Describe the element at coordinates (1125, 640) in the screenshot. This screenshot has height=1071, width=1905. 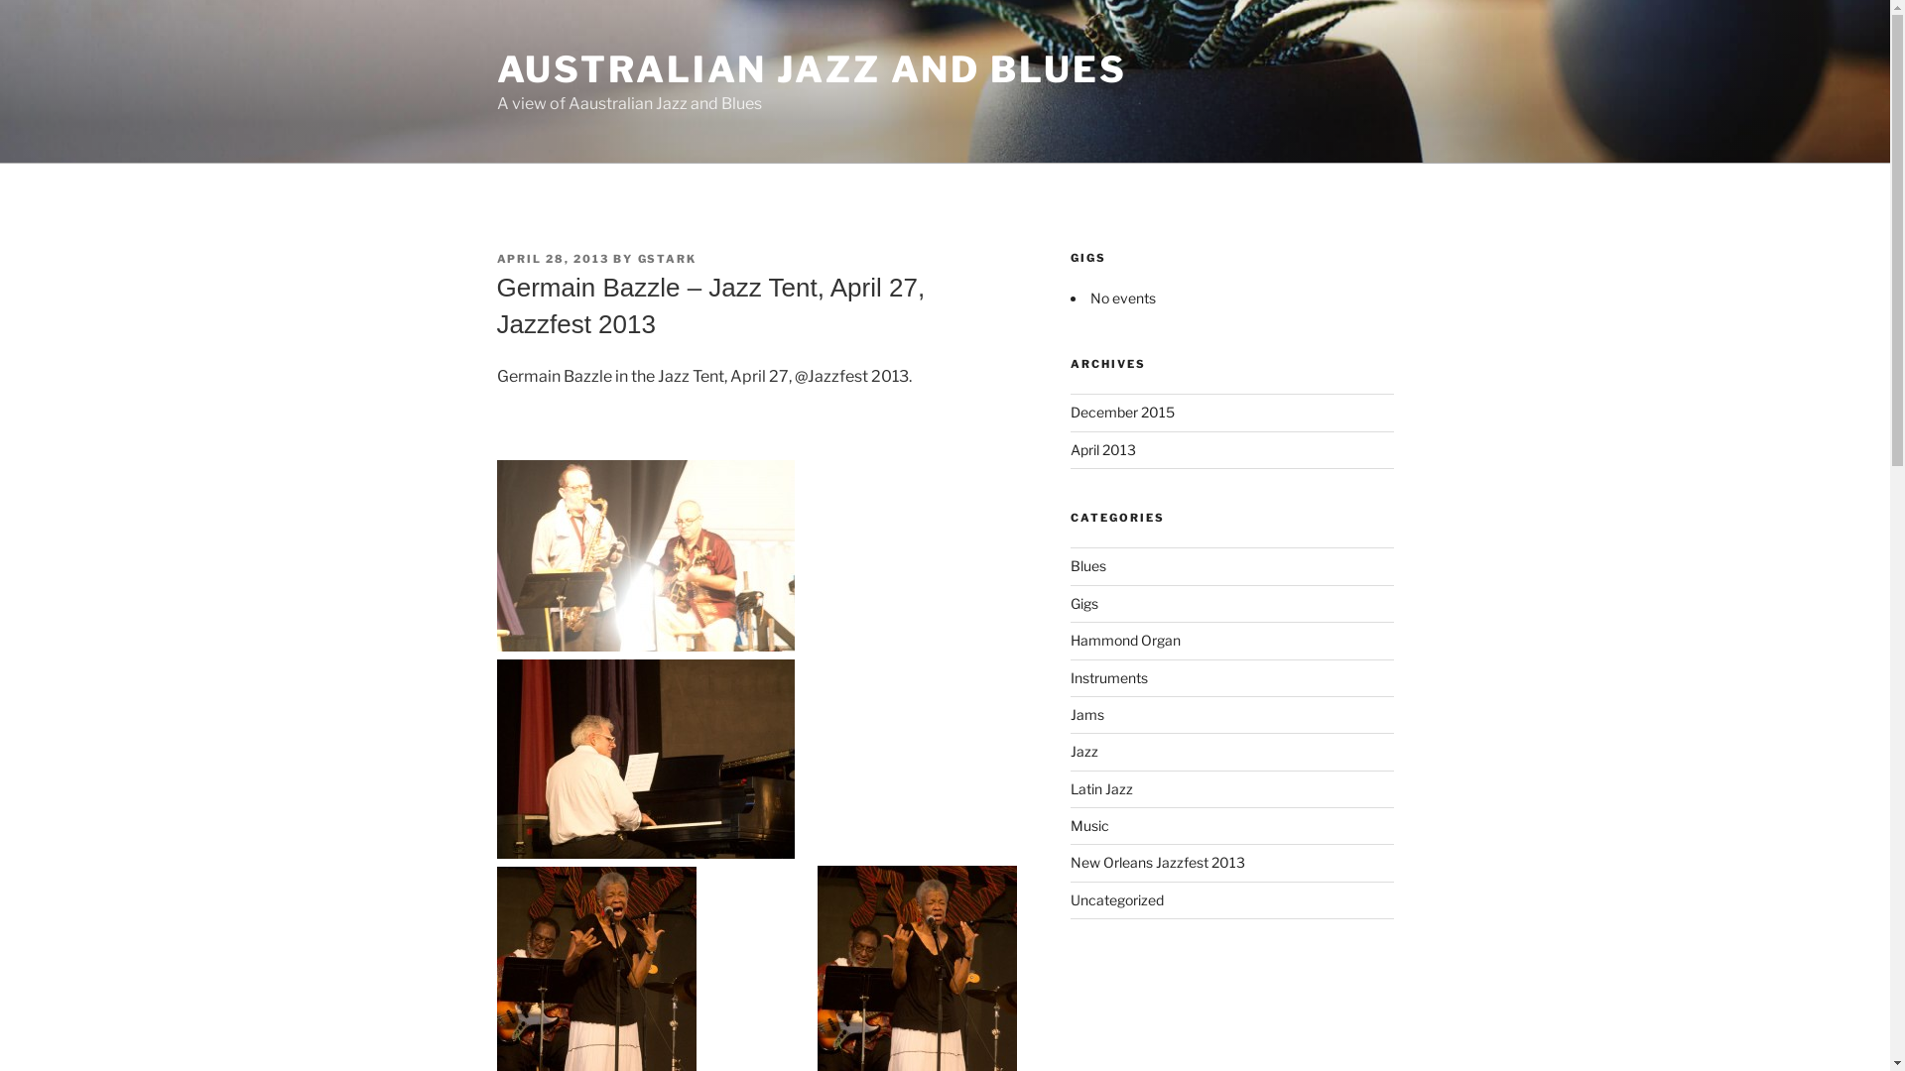
I see `'Hammond Organ'` at that location.